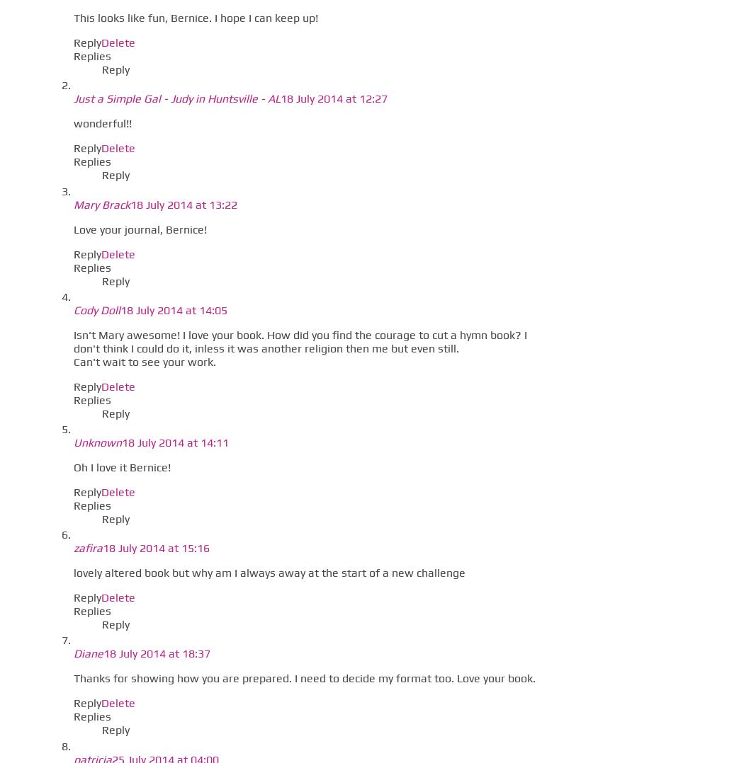 This screenshot has width=756, height=763. What do you see at coordinates (96, 441) in the screenshot?
I see `'Unknown'` at bounding box center [96, 441].